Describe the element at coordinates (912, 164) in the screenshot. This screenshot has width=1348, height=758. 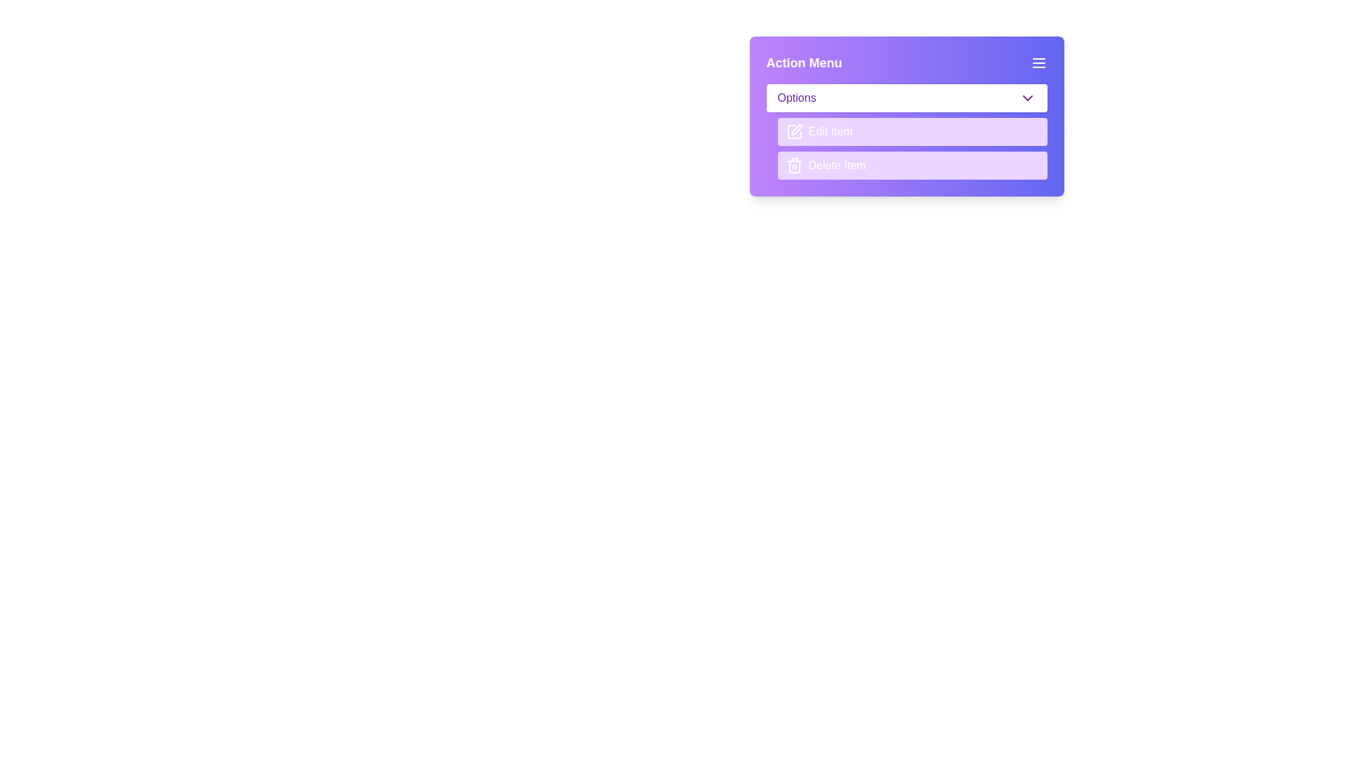
I see `the delete button, which is the second button in the popup menu located below the 'Edit Item' button, to provide visual feedback` at that location.